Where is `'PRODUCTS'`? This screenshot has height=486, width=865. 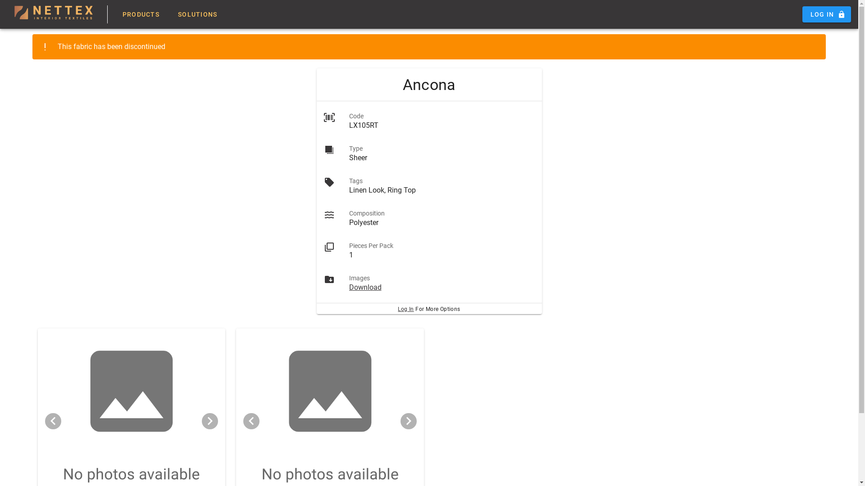 'PRODUCTS' is located at coordinates (140, 14).